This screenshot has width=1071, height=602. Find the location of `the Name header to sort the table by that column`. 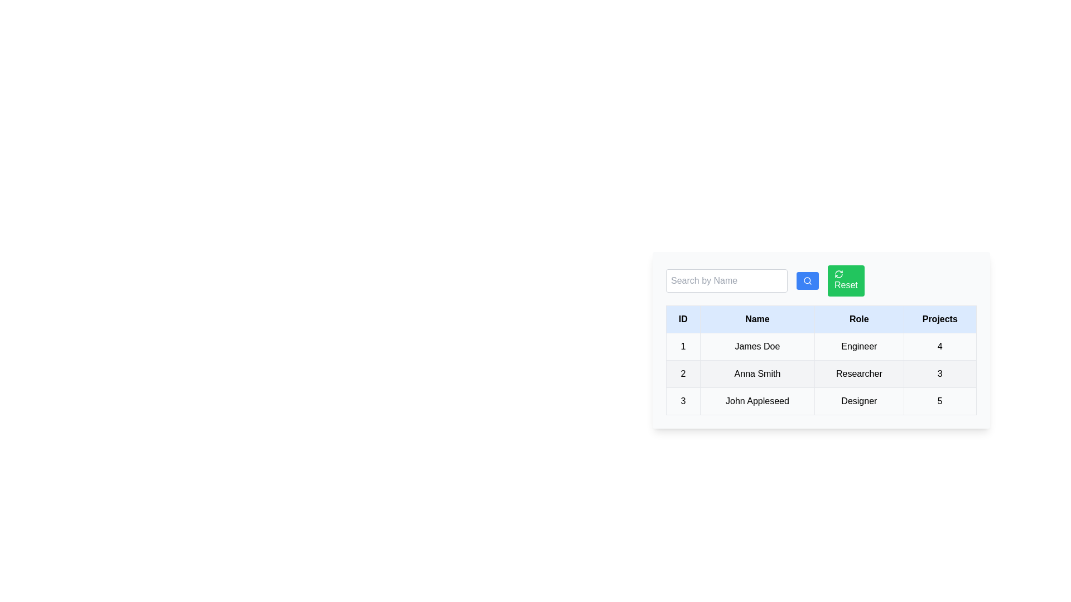

the Name header to sort the table by that column is located at coordinates (758, 319).